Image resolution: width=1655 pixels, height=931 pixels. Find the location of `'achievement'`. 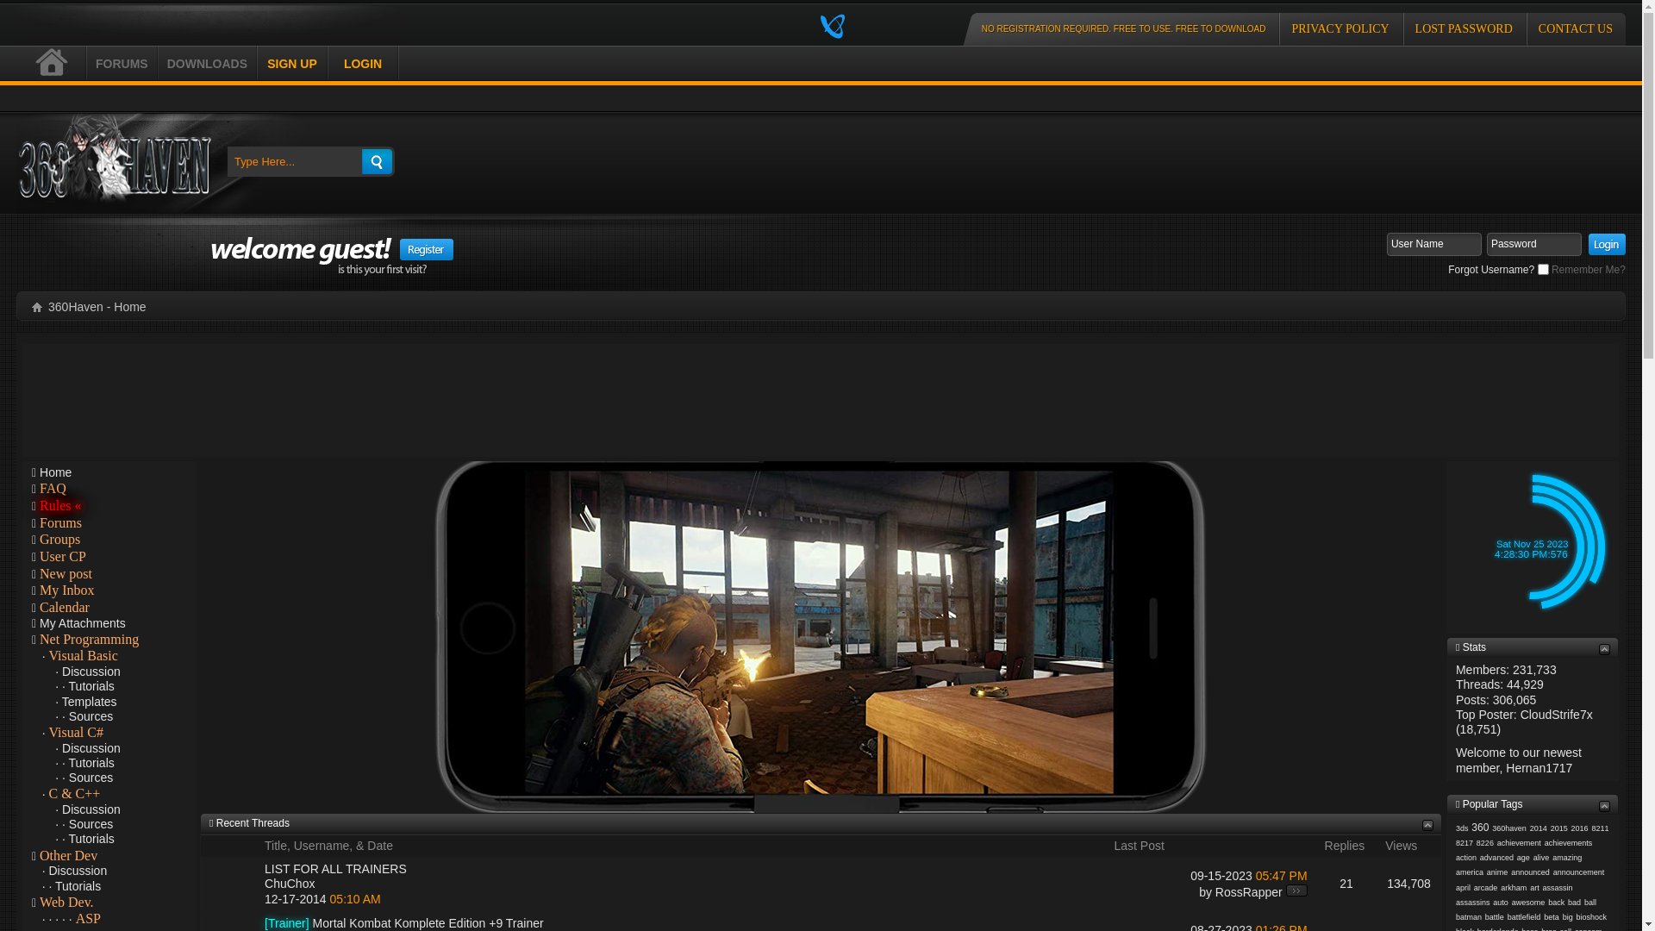

'achievement' is located at coordinates (1519, 842).